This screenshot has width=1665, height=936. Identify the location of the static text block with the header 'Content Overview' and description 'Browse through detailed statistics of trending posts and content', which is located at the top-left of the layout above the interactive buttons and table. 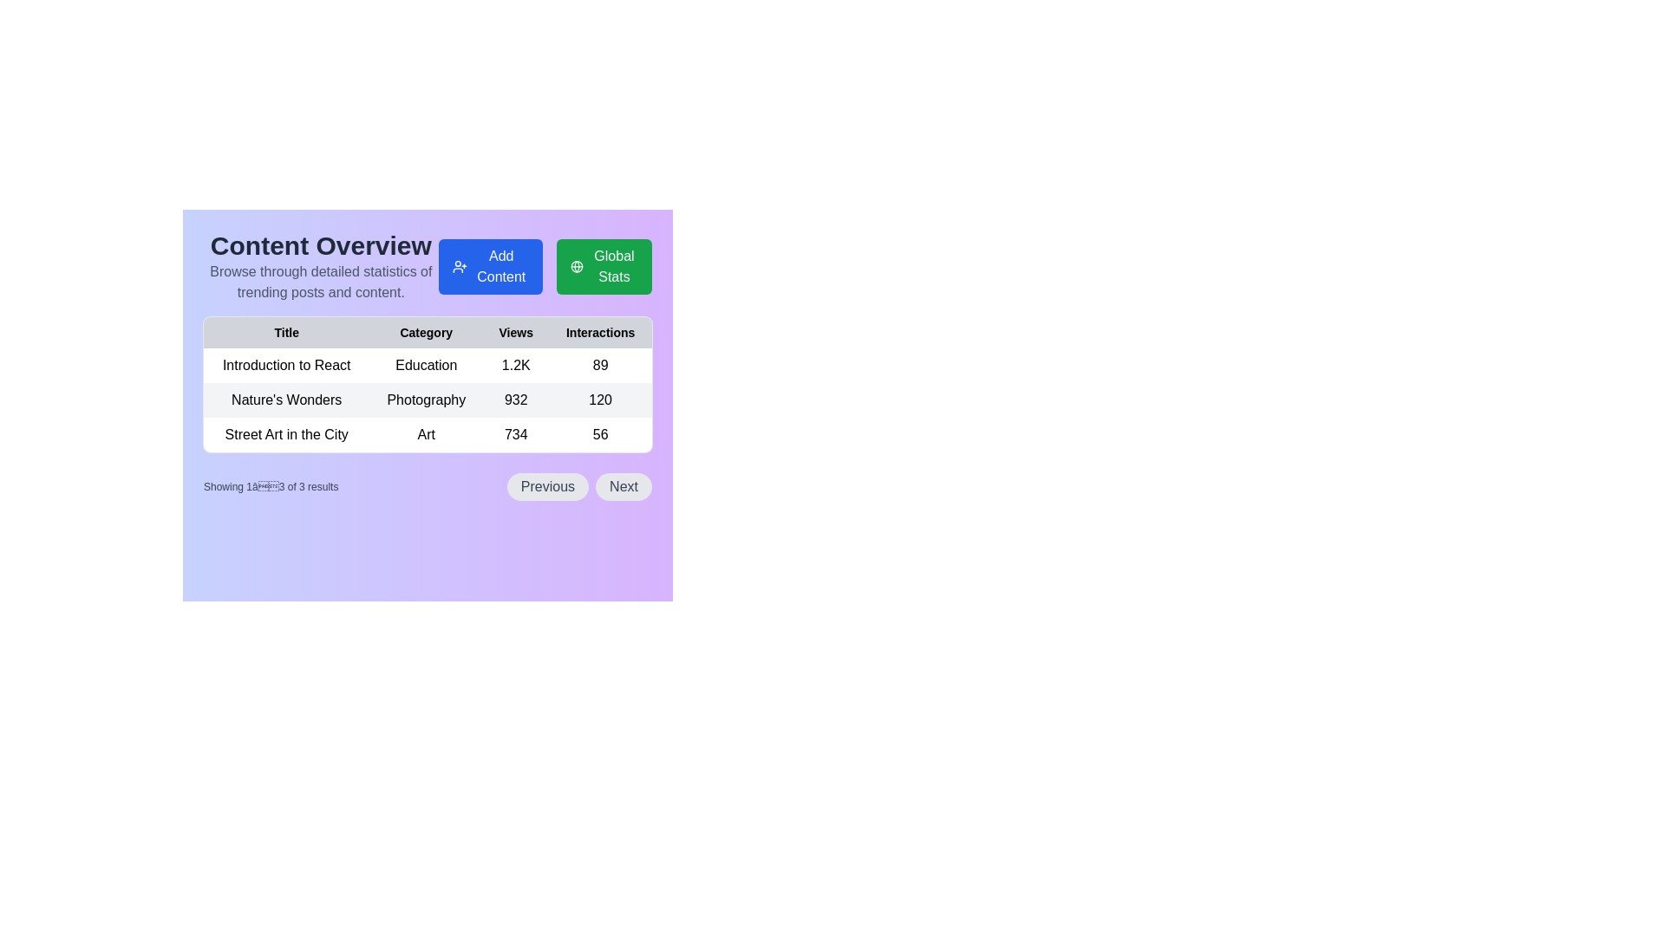
(428, 267).